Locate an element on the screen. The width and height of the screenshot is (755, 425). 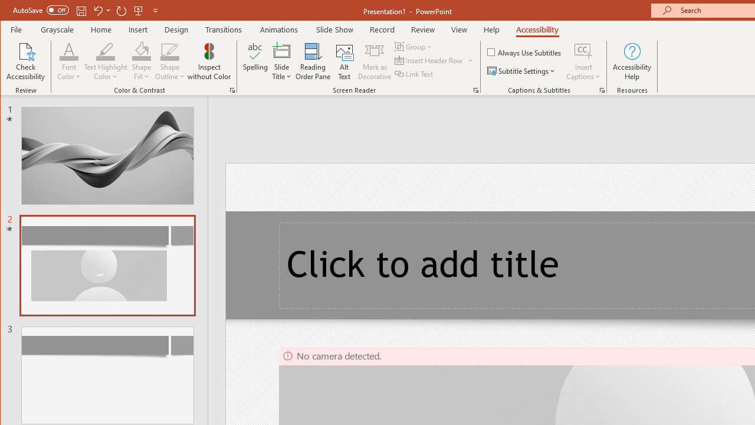
'Check Accessibility' is located at coordinates (26, 61).